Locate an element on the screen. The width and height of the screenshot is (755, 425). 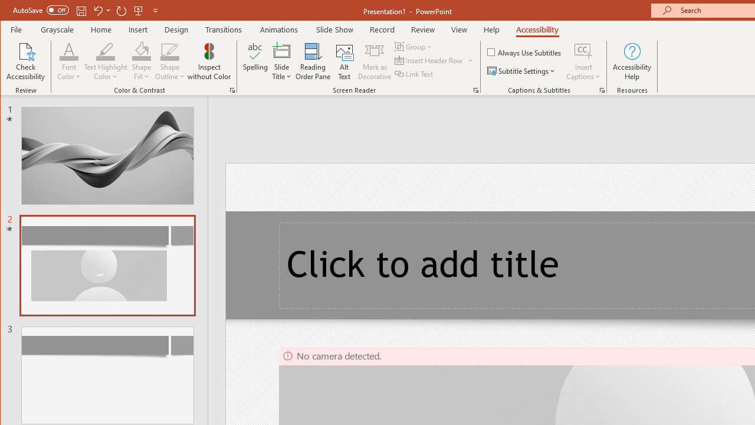
'Check Accessibility' is located at coordinates (26, 61).